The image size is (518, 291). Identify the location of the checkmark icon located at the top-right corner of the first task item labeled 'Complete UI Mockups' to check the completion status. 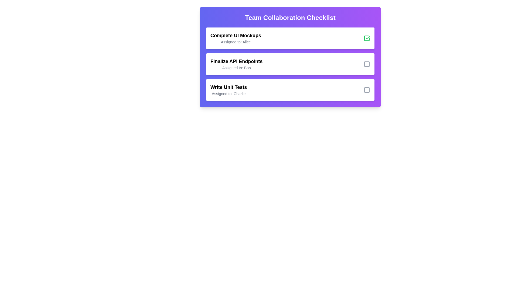
(367, 37).